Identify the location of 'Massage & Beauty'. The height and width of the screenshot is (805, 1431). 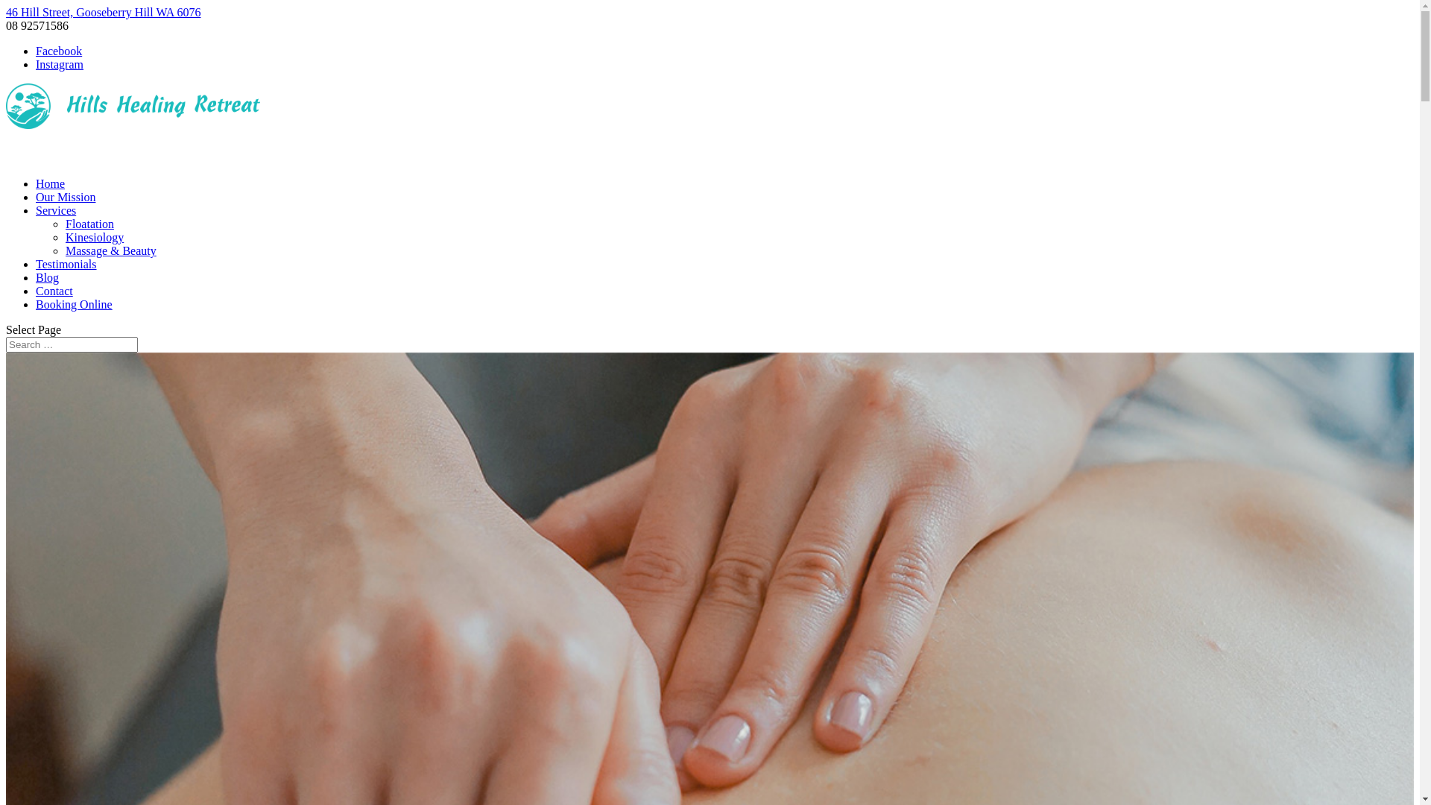
(110, 250).